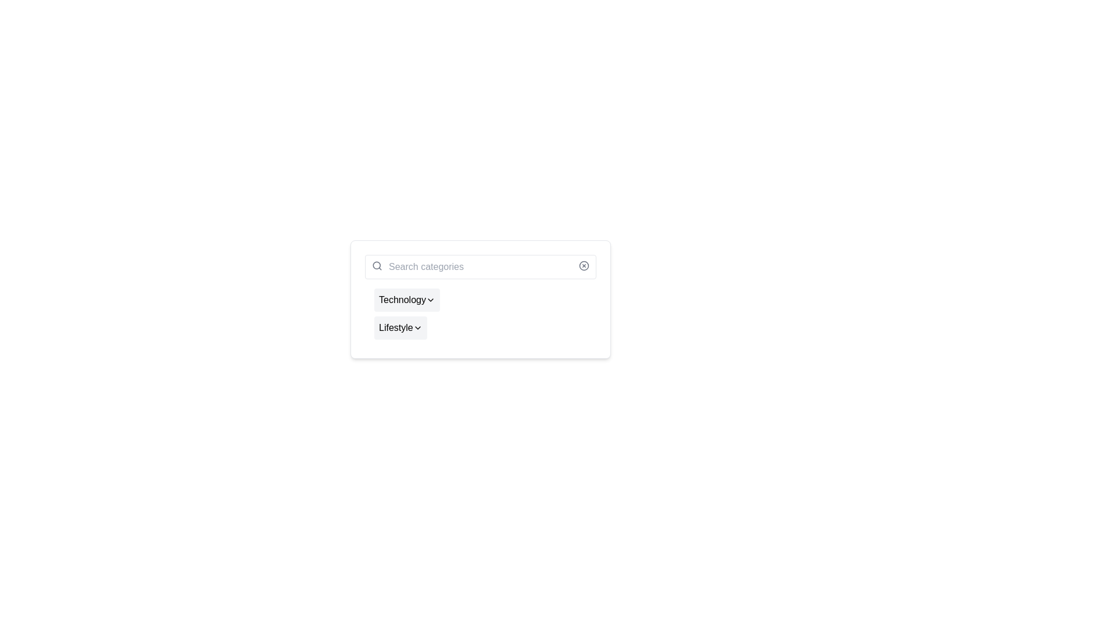  What do you see at coordinates (485, 327) in the screenshot?
I see `the 'Lifestyle' dropdown menu button located below the 'Technology' component` at bounding box center [485, 327].